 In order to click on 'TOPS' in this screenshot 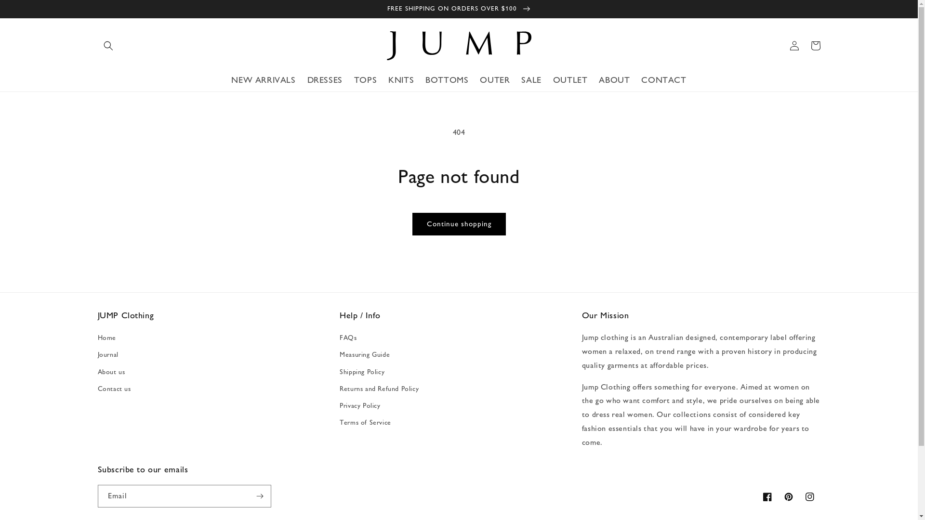, I will do `click(348, 79)`.